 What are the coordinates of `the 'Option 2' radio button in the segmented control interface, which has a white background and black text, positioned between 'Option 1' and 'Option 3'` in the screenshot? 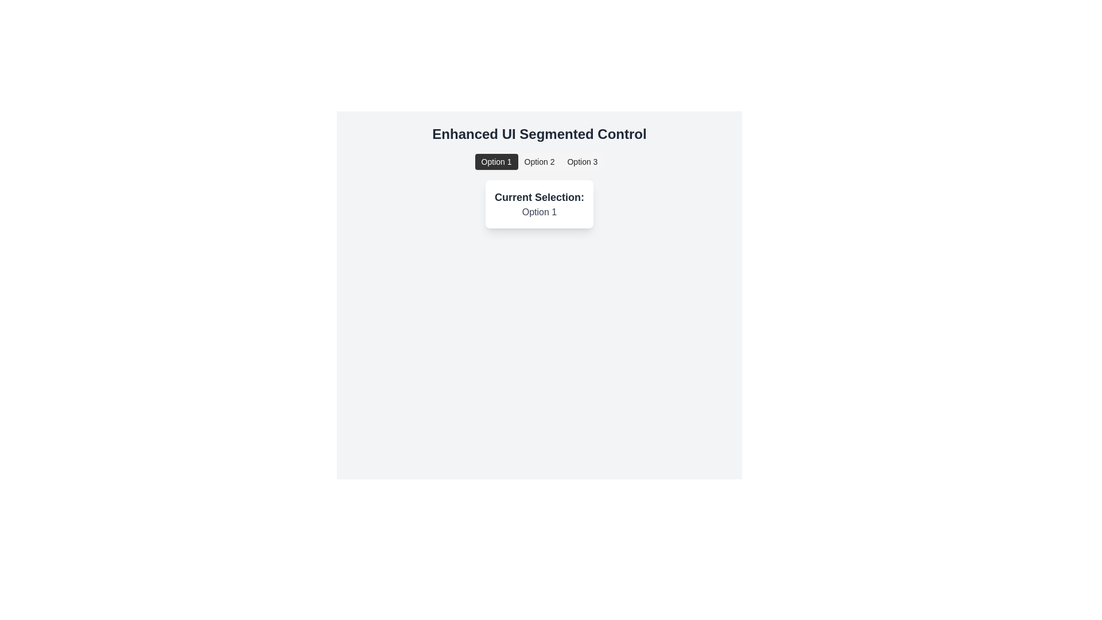 It's located at (539, 161).